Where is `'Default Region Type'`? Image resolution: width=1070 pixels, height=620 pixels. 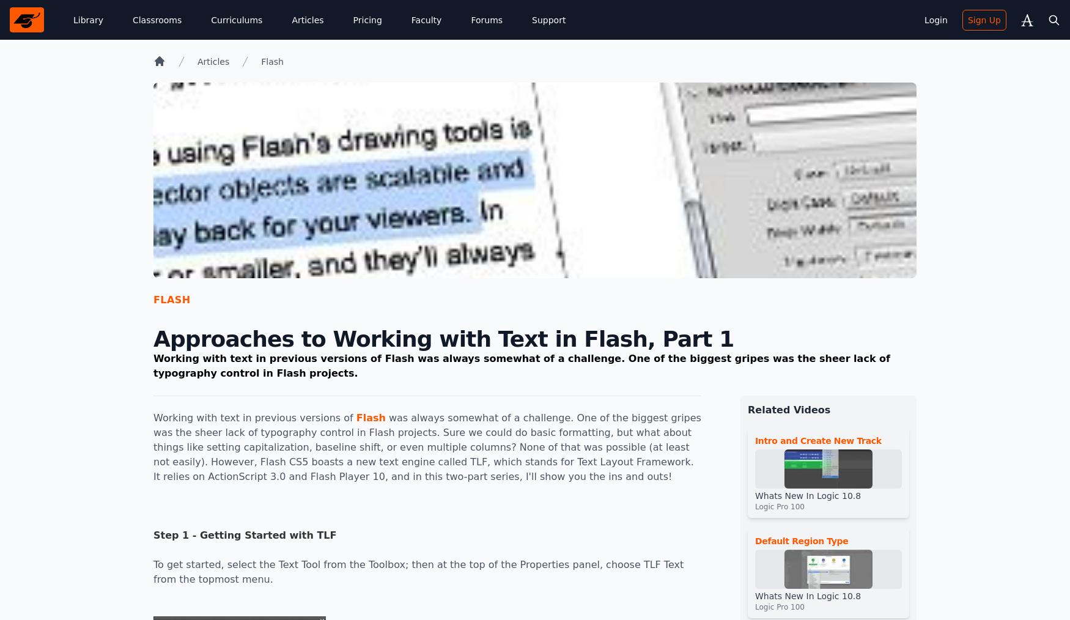
'Default Region Type' is located at coordinates (800, 541).